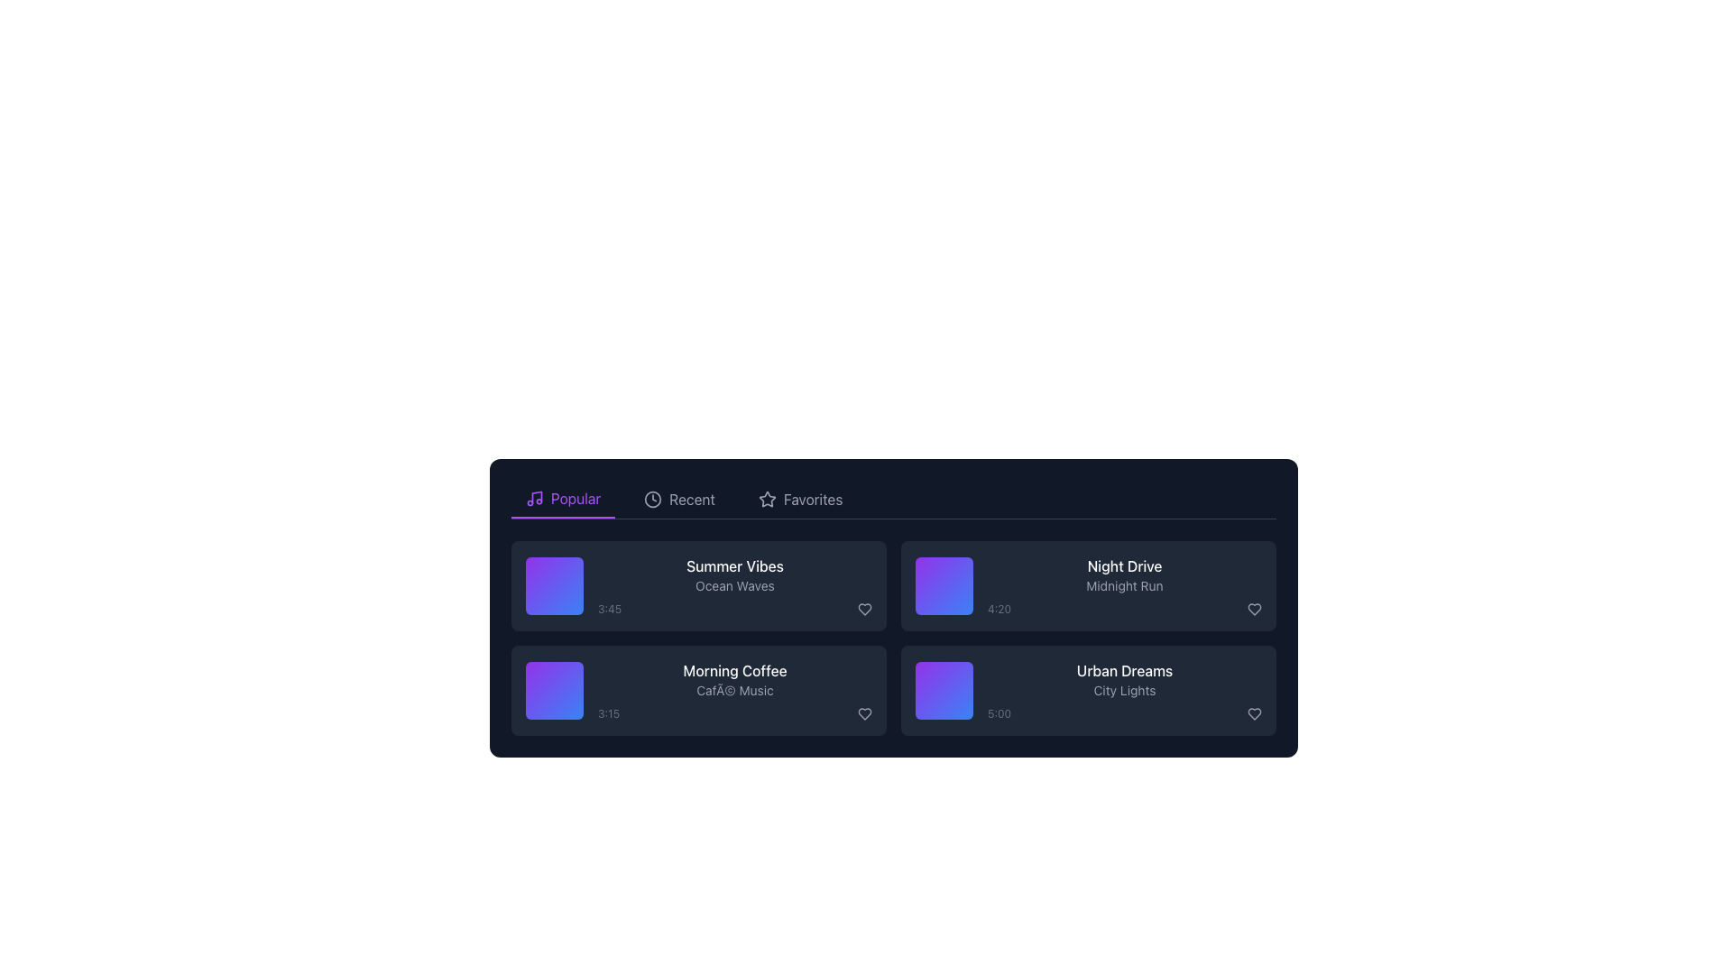  Describe the element at coordinates (735, 690) in the screenshot. I see `the text block displaying the title and subtitle of the music track located in the lower-left quarter of the interface, which is the second item in the first column of a list of music tracks` at that location.